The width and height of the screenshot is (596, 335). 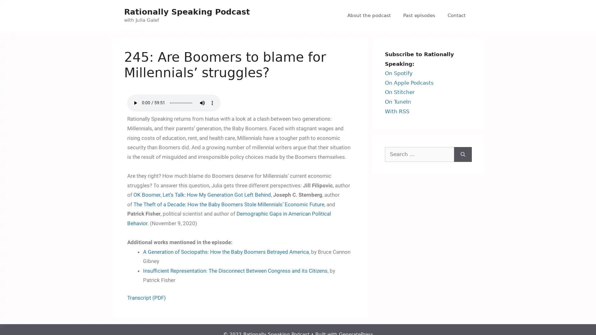 What do you see at coordinates (212, 102) in the screenshot?
I see `show more media controls` at bounding box center [212, 102].